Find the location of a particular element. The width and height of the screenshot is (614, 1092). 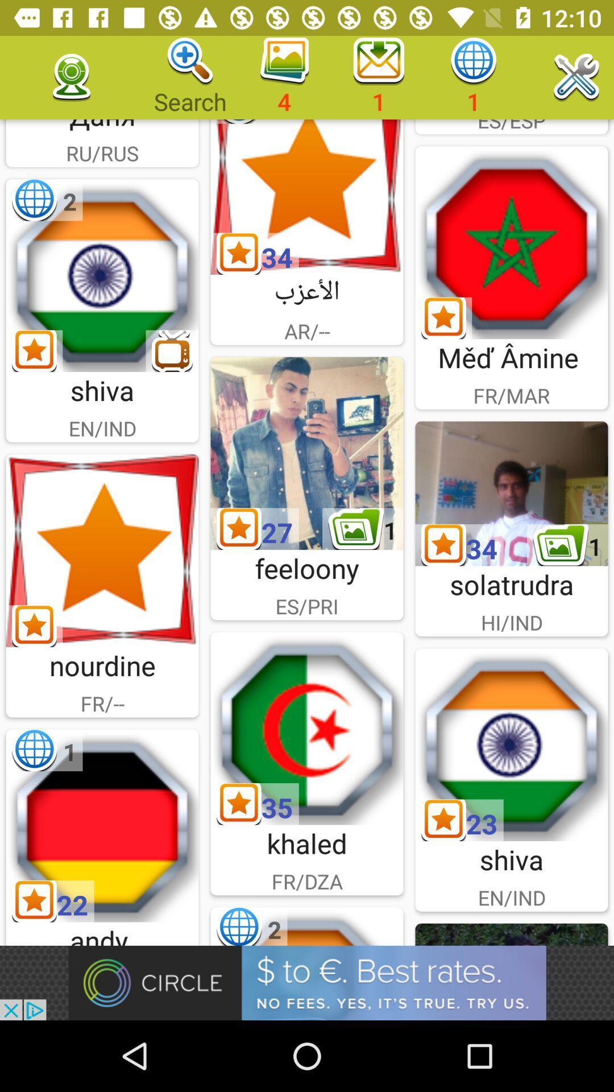

andy is located at coordinates (102, 825).